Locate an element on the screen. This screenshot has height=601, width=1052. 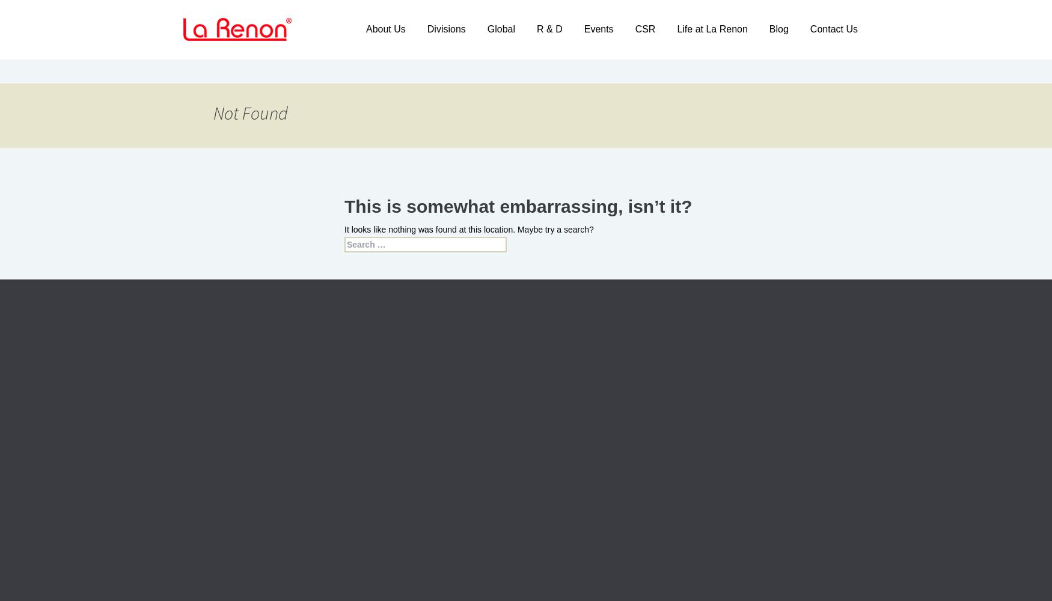
'Divisions' is located at coordinates (446, 29).